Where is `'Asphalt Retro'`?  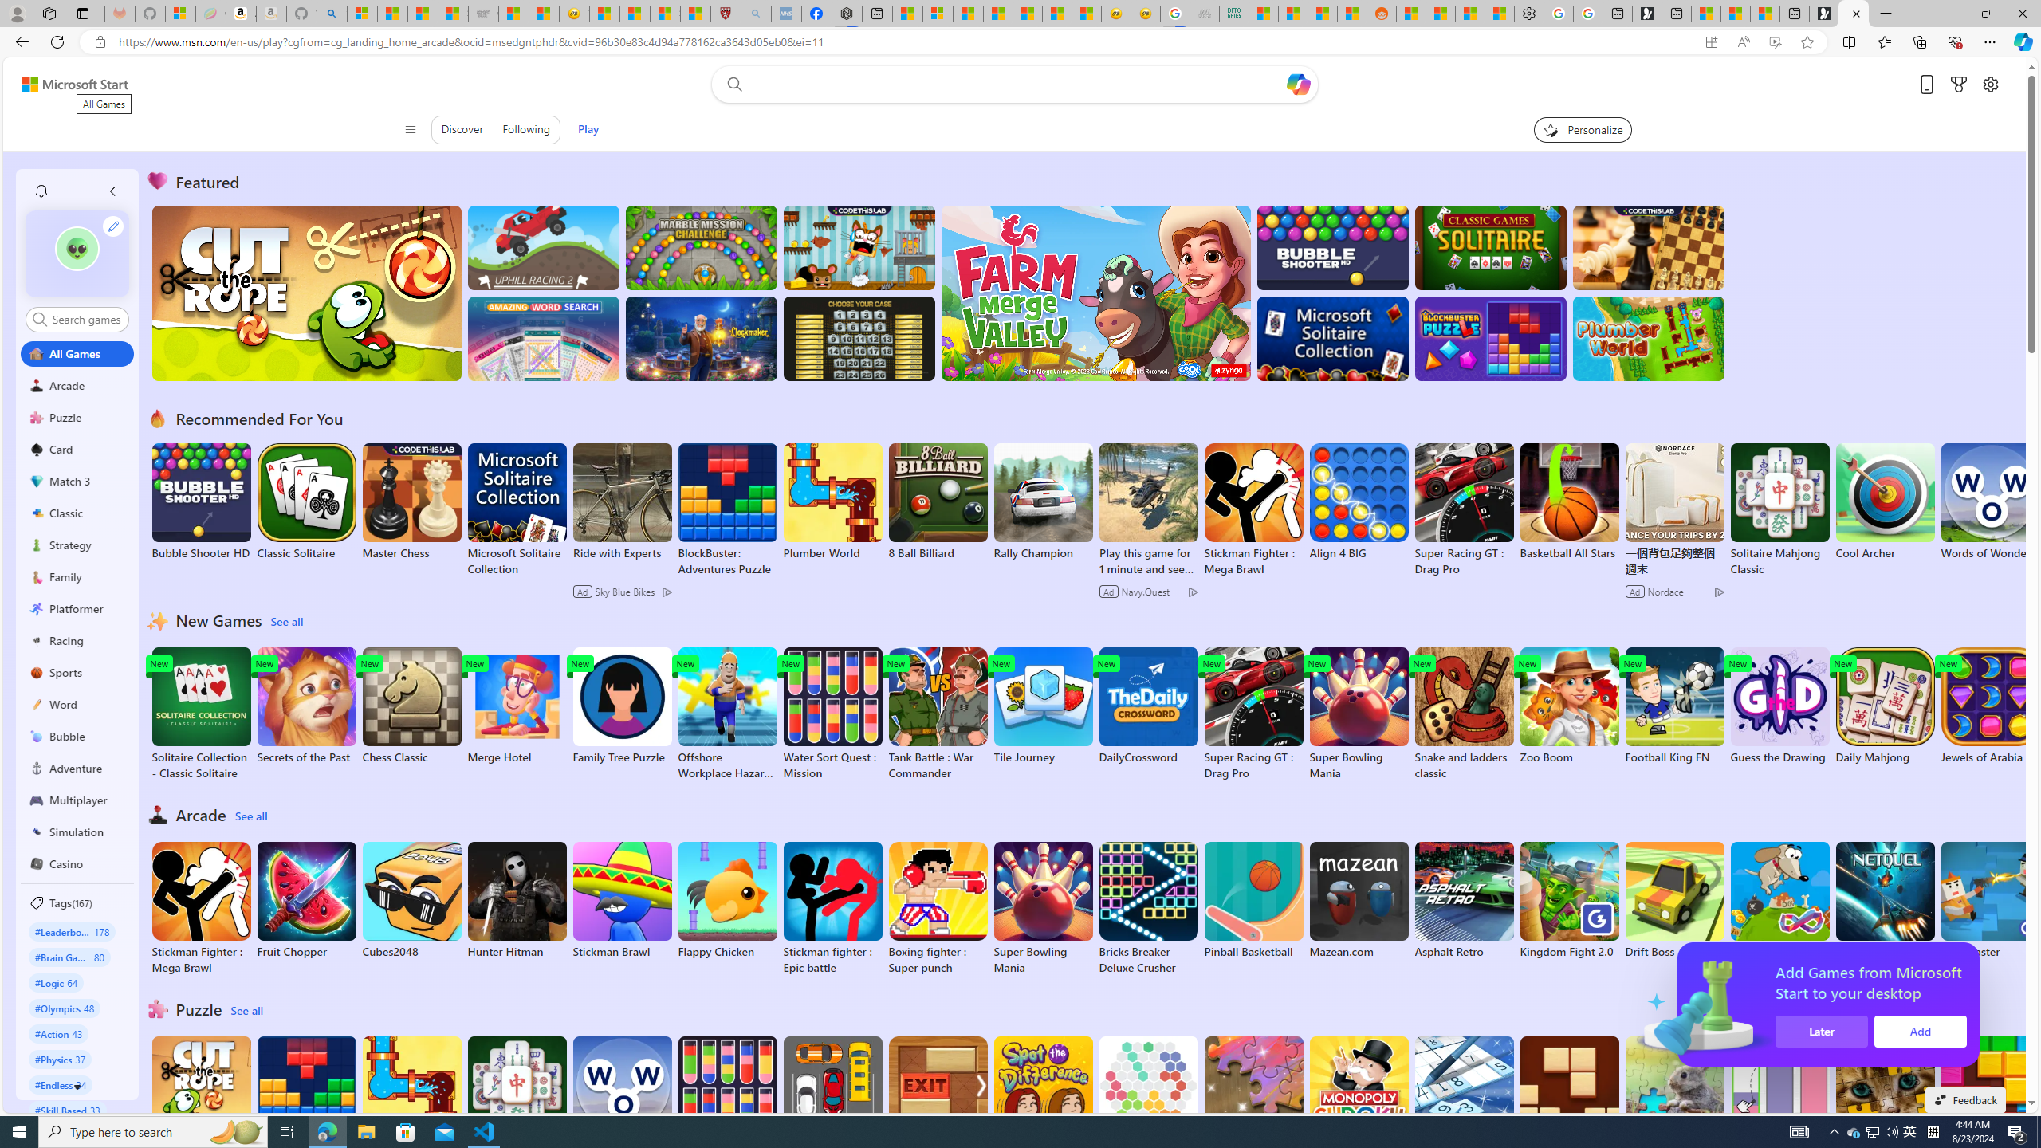 'Asphalt Retro' is located at coordinates (1463, 900).